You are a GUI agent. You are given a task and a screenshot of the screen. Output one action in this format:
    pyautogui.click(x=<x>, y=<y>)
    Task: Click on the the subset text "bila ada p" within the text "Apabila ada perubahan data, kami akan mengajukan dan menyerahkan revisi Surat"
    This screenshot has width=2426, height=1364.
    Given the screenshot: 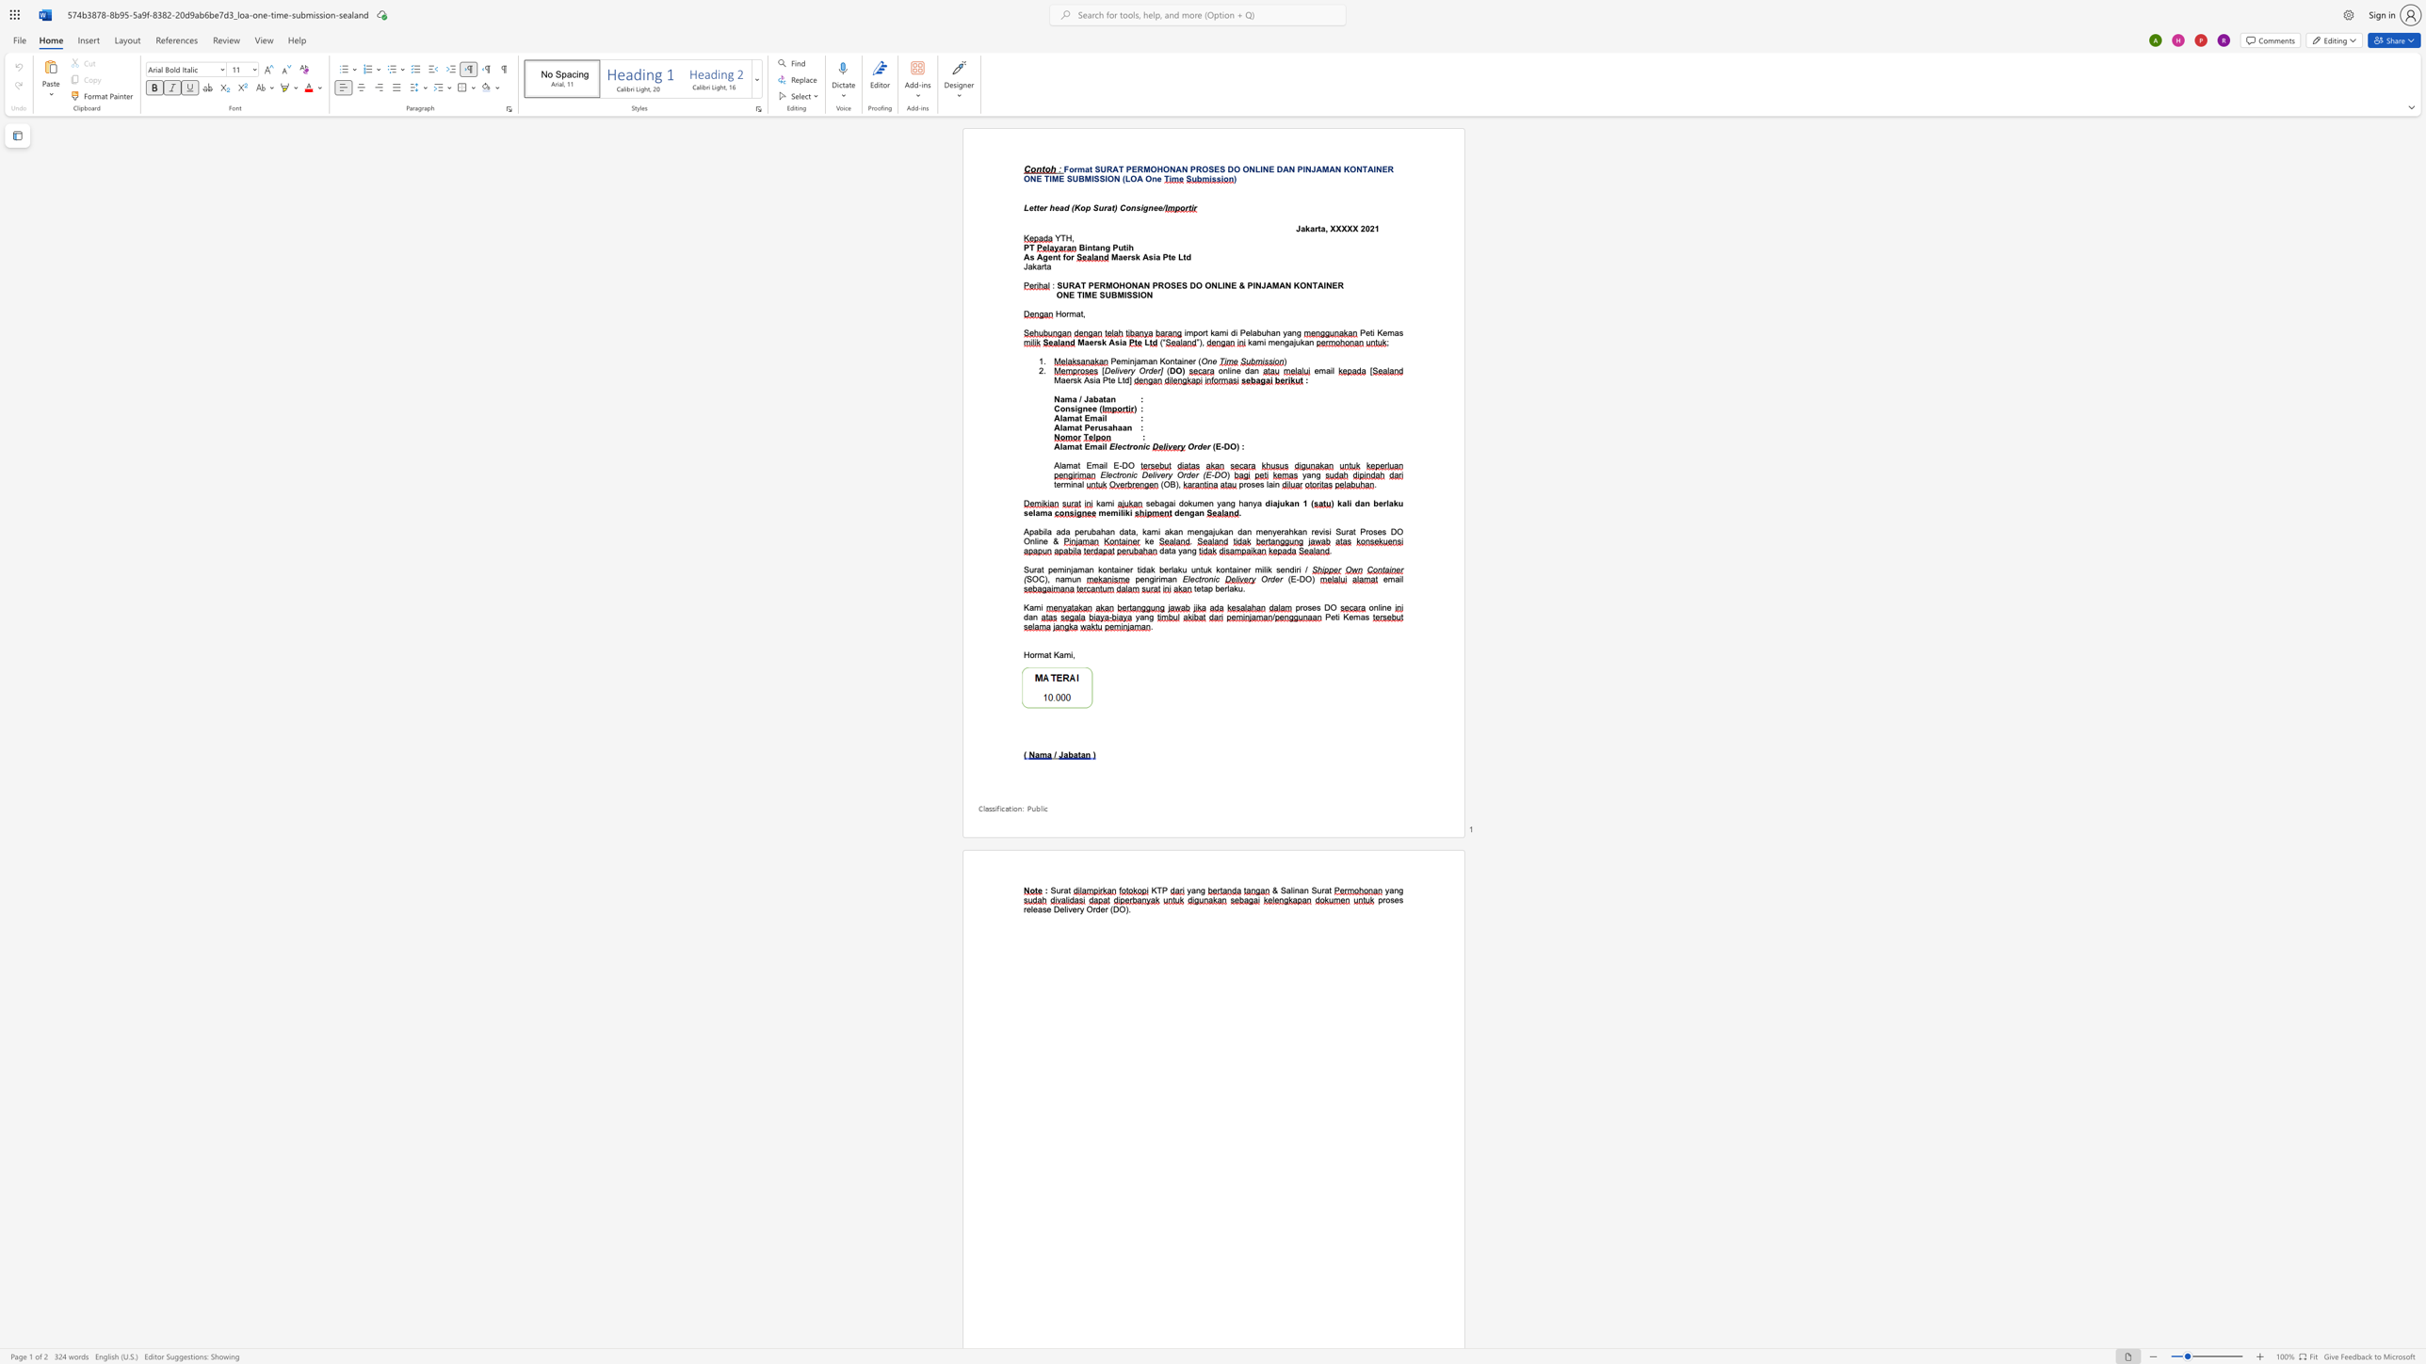 What is the action you would take?
    pyautogui.click(x=1039, y=531)
    